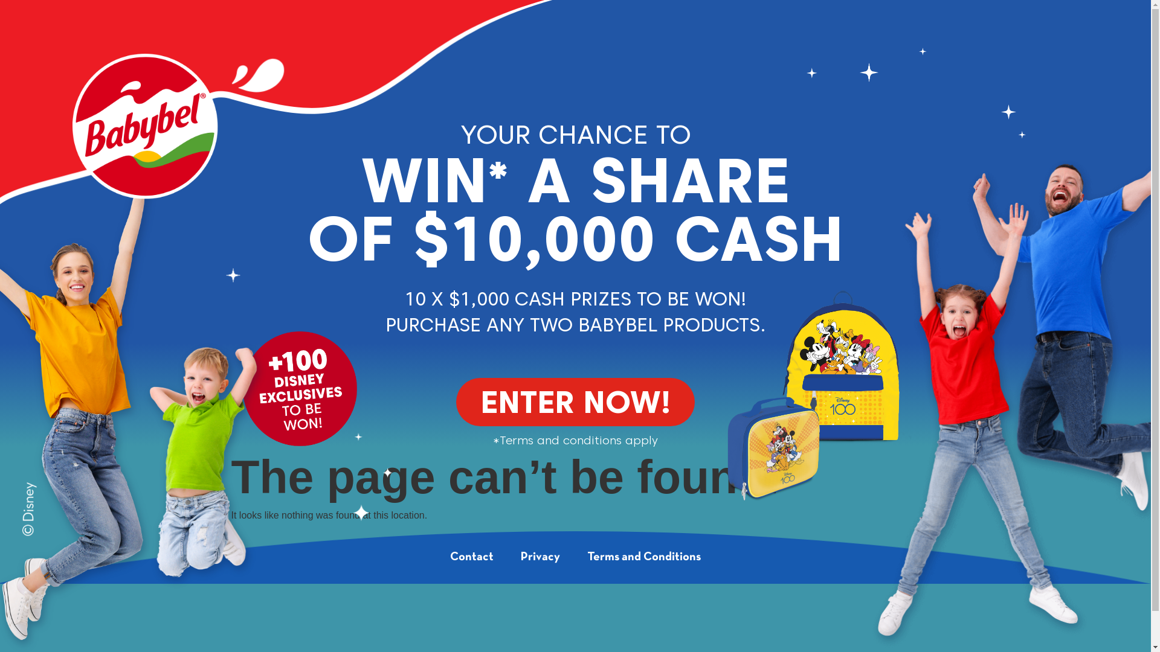 Image resolution: width=1160 pixels, height=652 pixels. I want to click on 'Terms and Conditions', so click(643, 557).